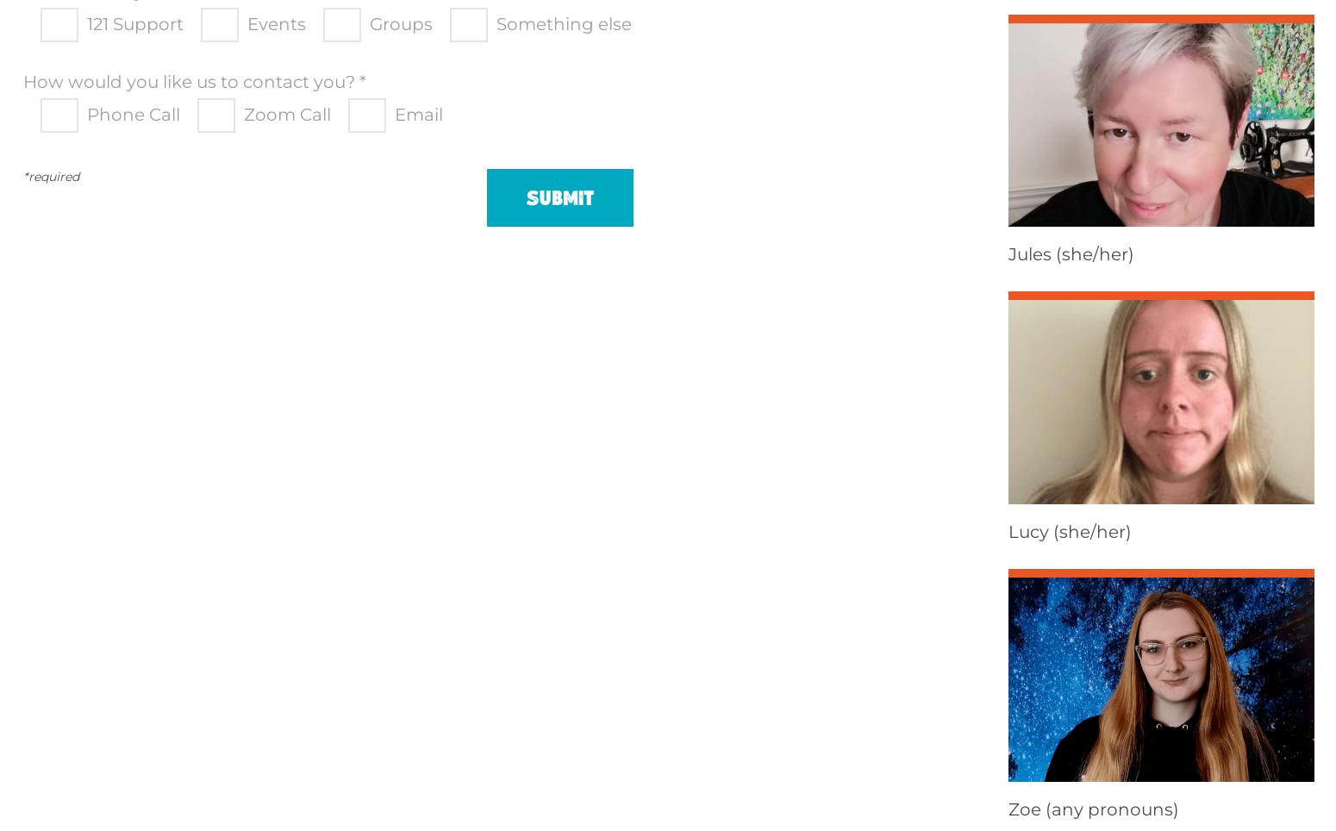 This screenshot has width=1336, height=831. Describe the element at coordinates (286, 115) in the screenshot. I see `'Zoom Call'` at that location.